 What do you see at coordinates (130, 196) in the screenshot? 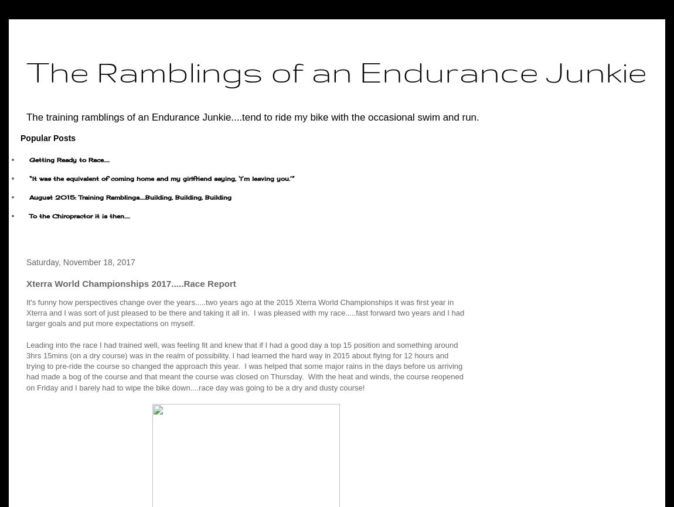
I see `'August 2015: Training Ramblings.....Building, Building, Building'` at bounding box center [130, 196].